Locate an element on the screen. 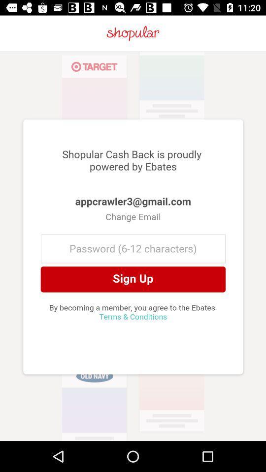 The height and width of the screenshot is (472, 266). an account is located at coordinates (133, 246).